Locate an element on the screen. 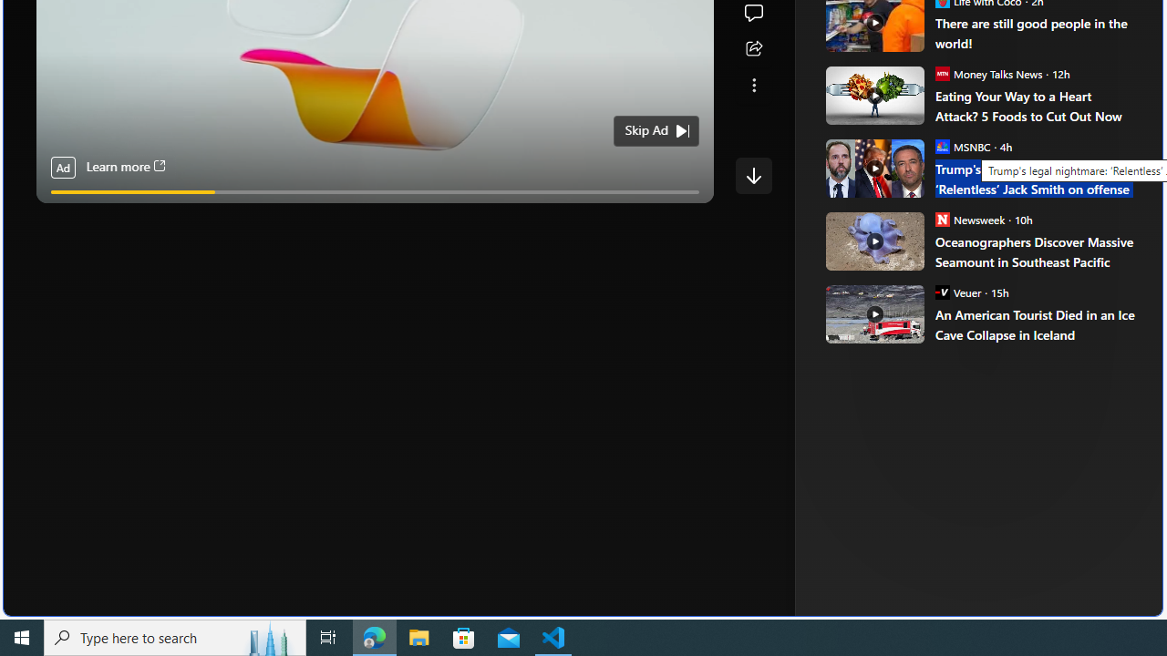  'Money Talks News Money Talks News' is located at coordinates (987, 72).